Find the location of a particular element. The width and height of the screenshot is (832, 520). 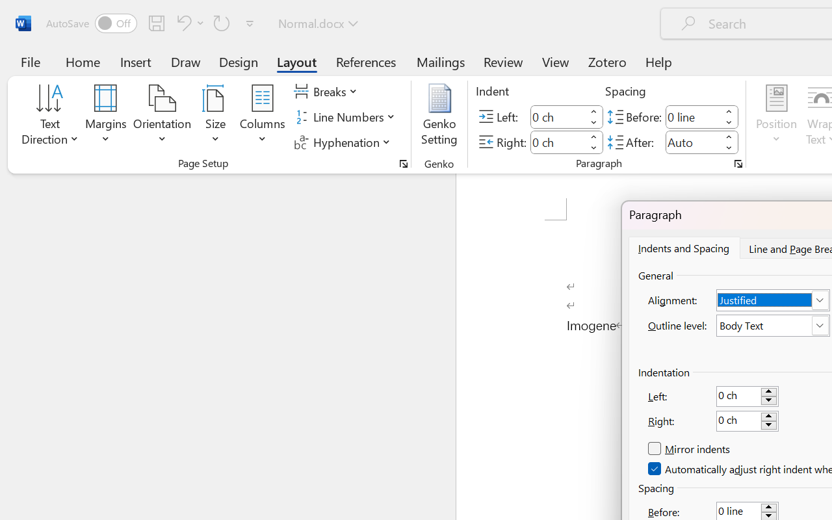

'Outline level:' is located at coordinates (773, 325).